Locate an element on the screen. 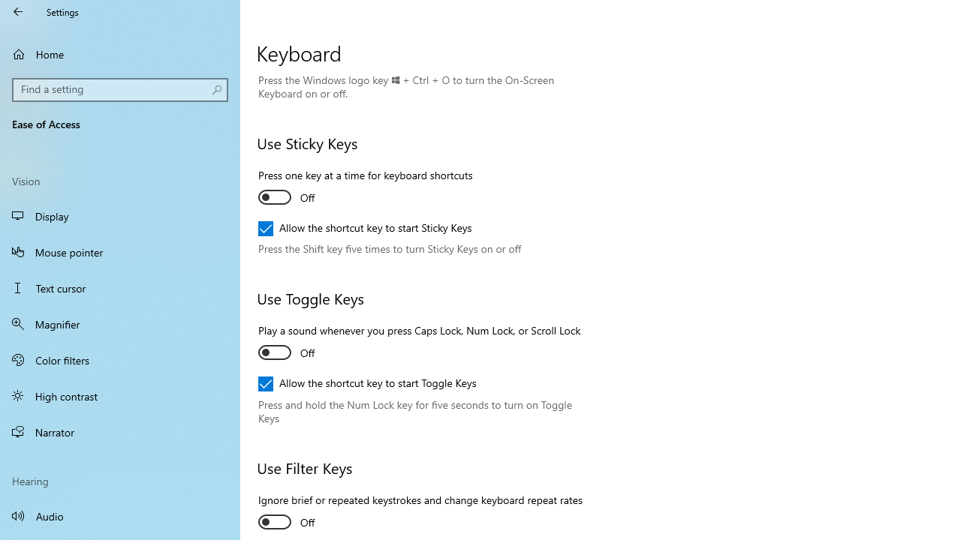 The height and width of the screenshot is (540, 961). 'High contrast' is located at coordinates (120, 395).